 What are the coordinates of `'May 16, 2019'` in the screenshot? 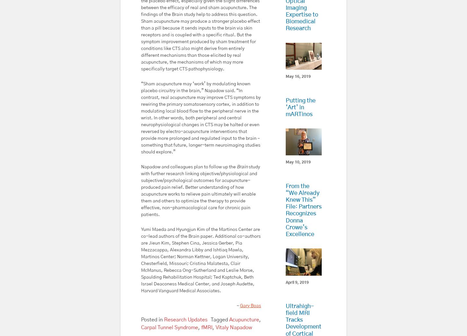 It's located at (298, 77).